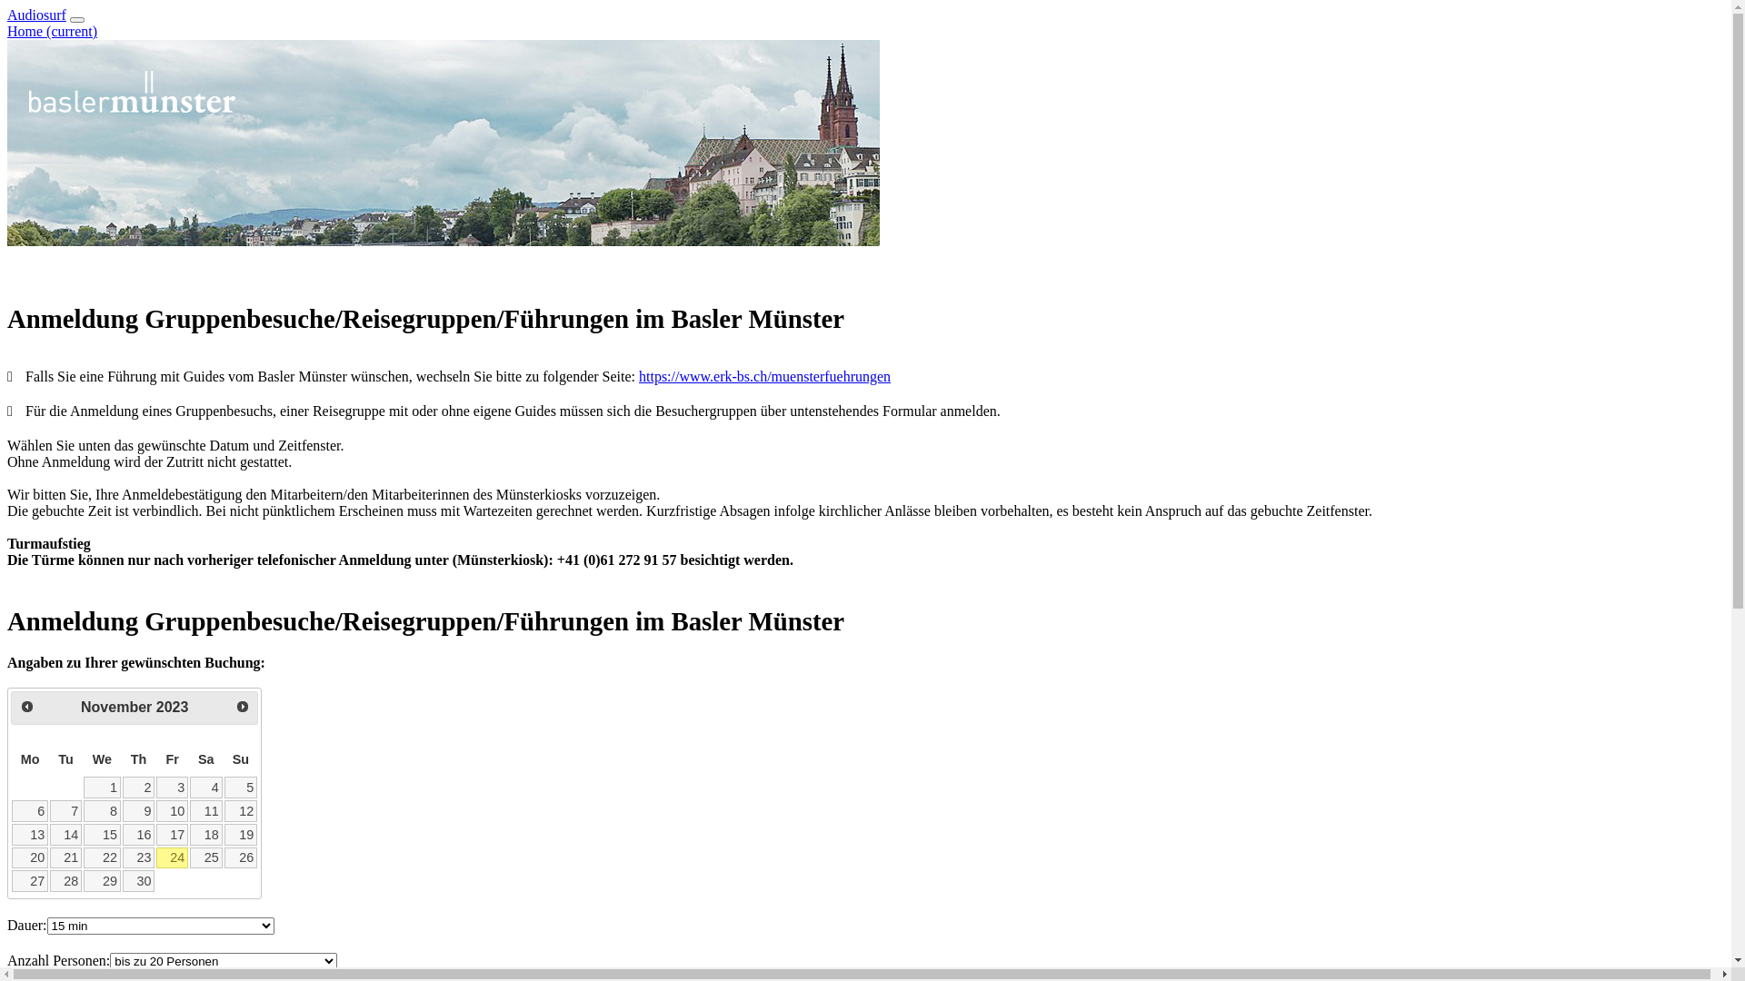 This screenshot has width=1745, height=981. What do you see at coordinates (101, 834) in the screenshot?
I see `'15'` at bounding box center [101, 834].